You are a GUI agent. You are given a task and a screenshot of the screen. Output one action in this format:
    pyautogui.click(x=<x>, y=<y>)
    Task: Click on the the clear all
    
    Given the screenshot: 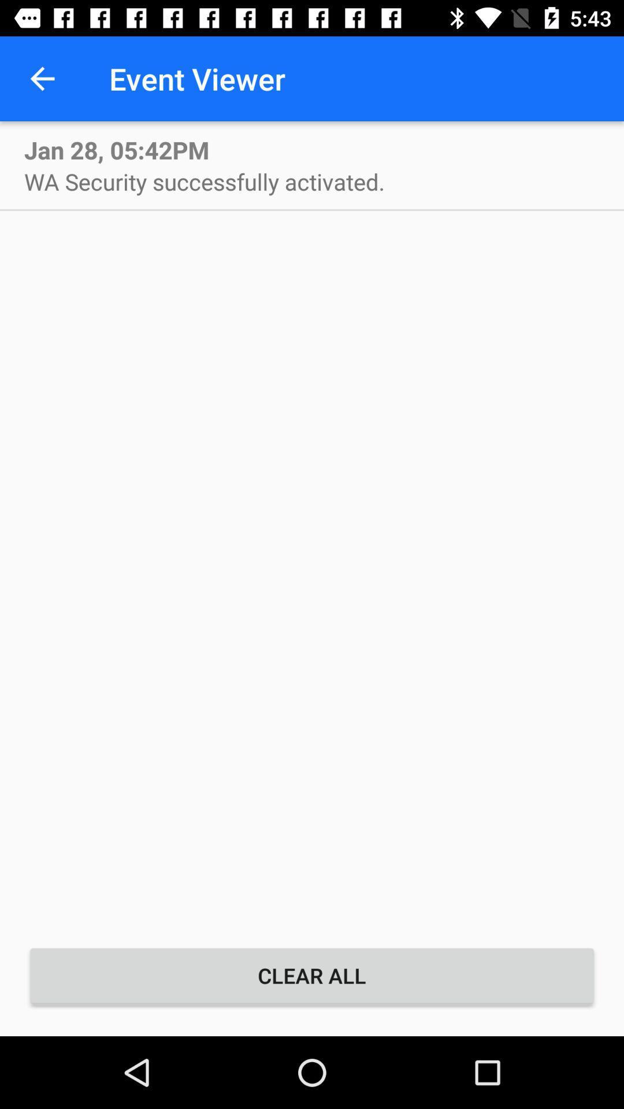 What is the action you would take?
    pyautogui.click(x=312, y=975)
    